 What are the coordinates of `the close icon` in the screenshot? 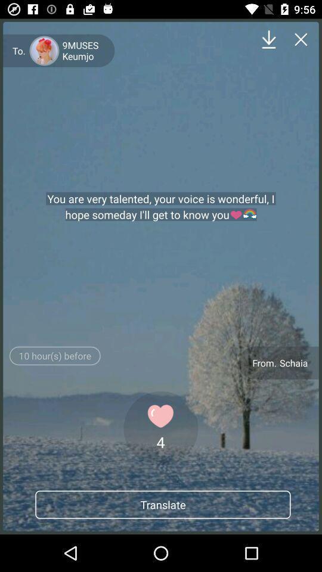 It's located at (301, 39).